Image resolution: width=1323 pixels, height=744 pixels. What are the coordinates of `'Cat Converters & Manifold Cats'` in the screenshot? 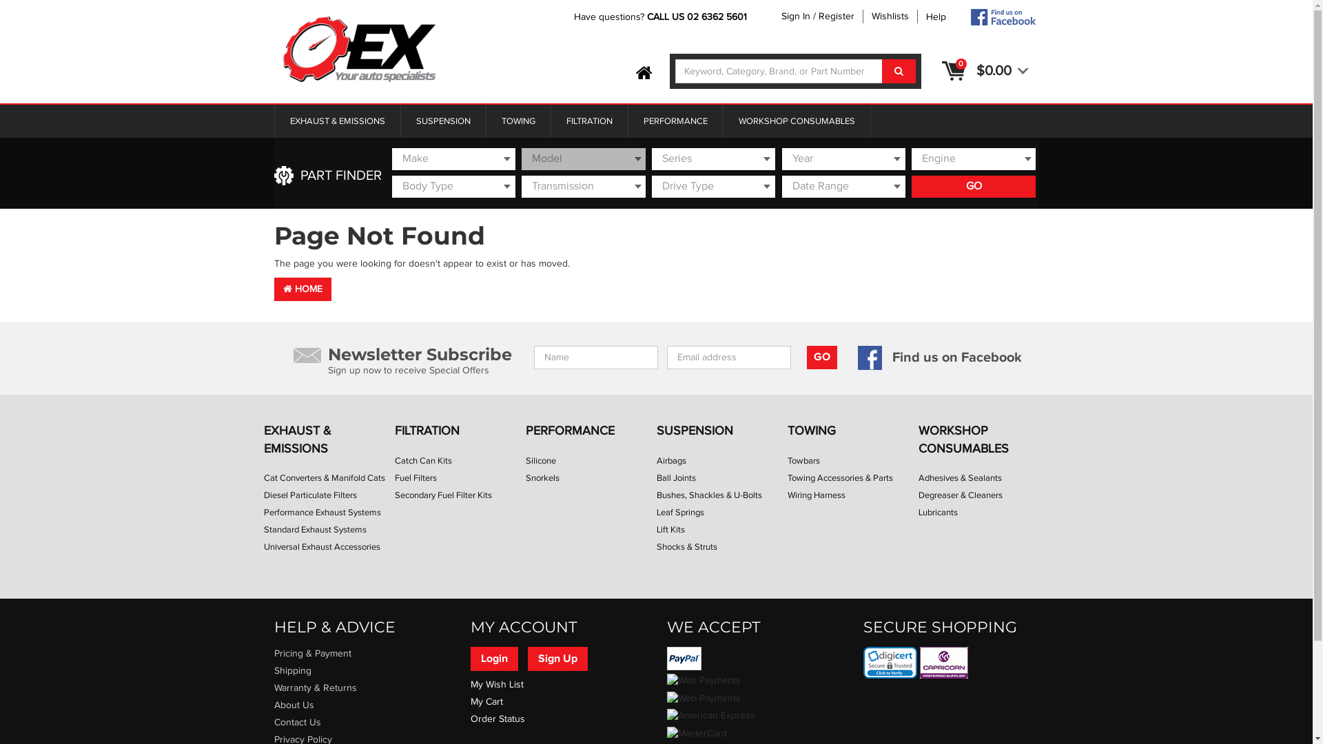 It's located at (323, 477).